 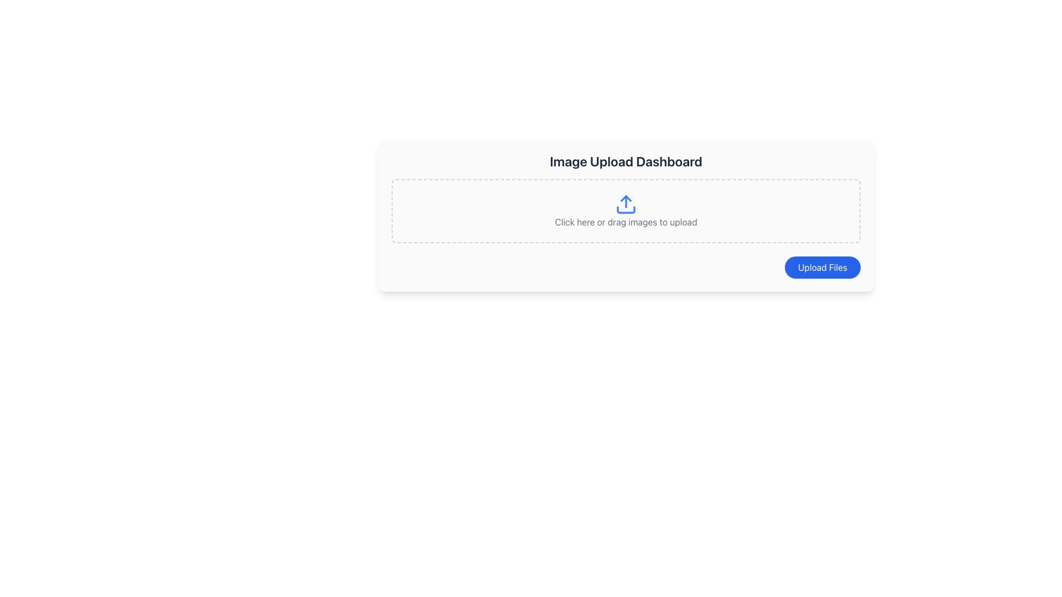 What do you see at coordinates (626, 205) in the screenshot?
I see `the blue upload icon with an upward arrow, located in the file upload section labeled 'Click here or drag images to upload'` at bounding box center [626, 205].